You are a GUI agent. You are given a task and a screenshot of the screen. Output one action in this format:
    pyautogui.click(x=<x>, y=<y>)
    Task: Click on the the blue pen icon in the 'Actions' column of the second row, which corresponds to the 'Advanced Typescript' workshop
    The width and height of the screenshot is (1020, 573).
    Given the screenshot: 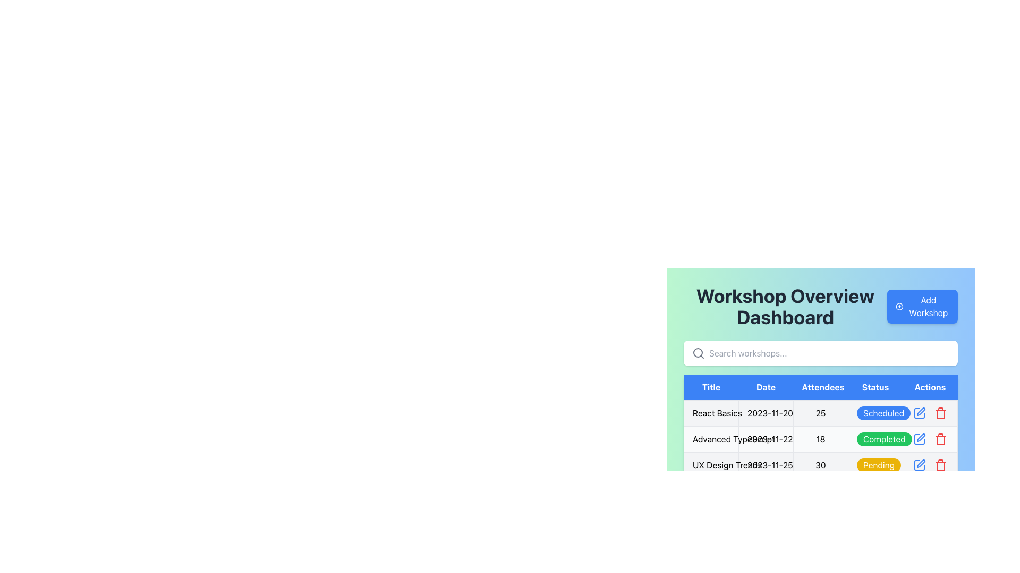 What is the action you would take?
    pyautogui.click(x=919, y=439)
    